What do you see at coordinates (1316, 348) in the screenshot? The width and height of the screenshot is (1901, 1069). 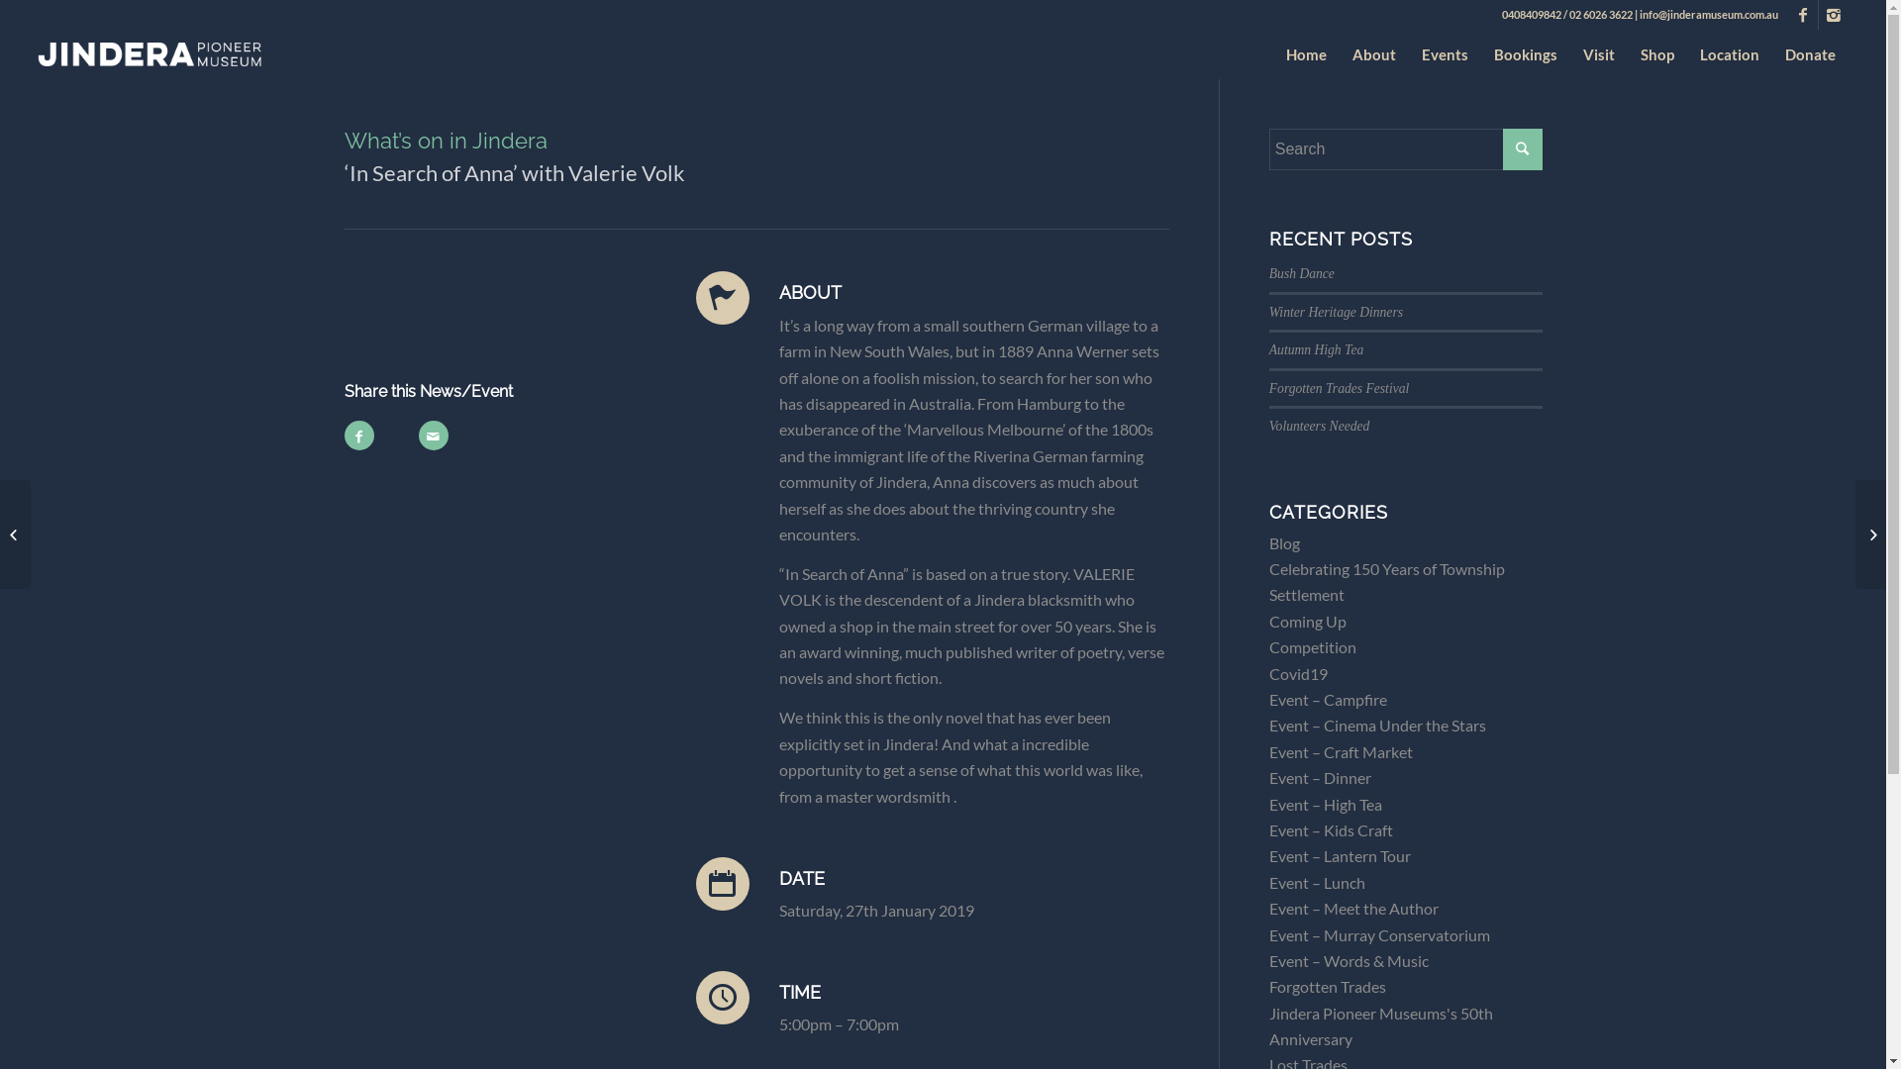 I see `'Autumn High Tea'` at bounding box center [1316, 348].